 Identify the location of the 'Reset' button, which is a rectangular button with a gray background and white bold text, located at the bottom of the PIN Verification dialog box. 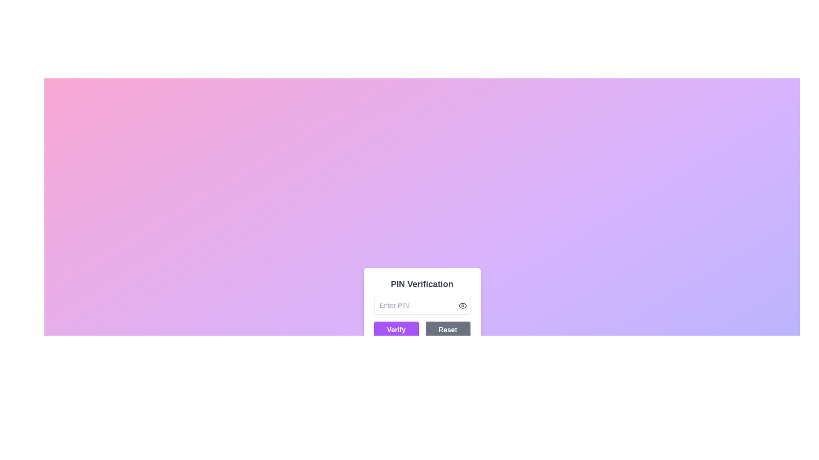
(447, 330).